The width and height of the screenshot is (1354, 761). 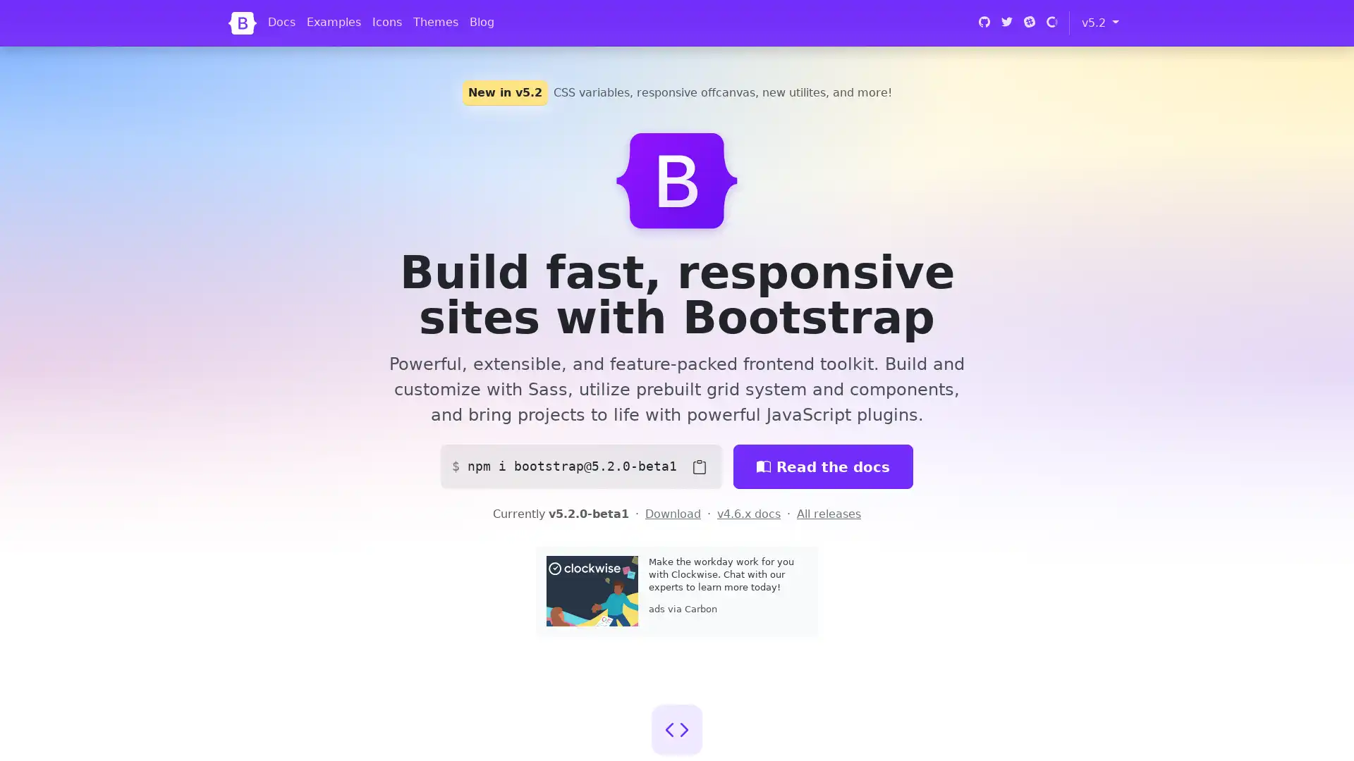 I want to click on v5.2, so click(x=1099, y=23).